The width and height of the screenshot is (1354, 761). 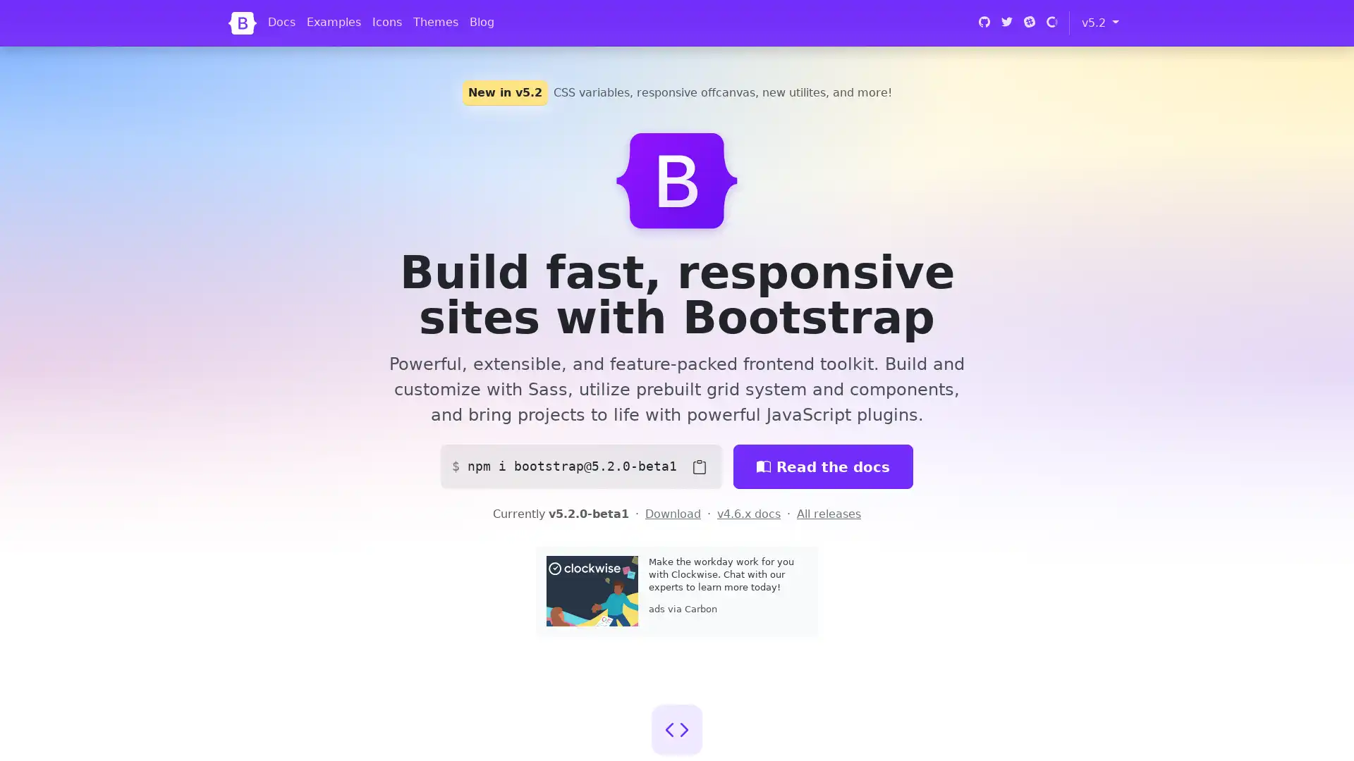 I want to click on v5.2, so click(x=1099, y=23).